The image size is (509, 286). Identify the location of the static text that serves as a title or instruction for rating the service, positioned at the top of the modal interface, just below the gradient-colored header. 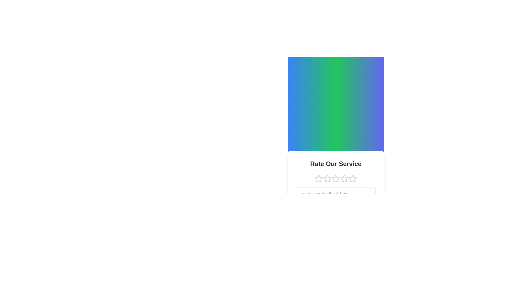
(336, 163).